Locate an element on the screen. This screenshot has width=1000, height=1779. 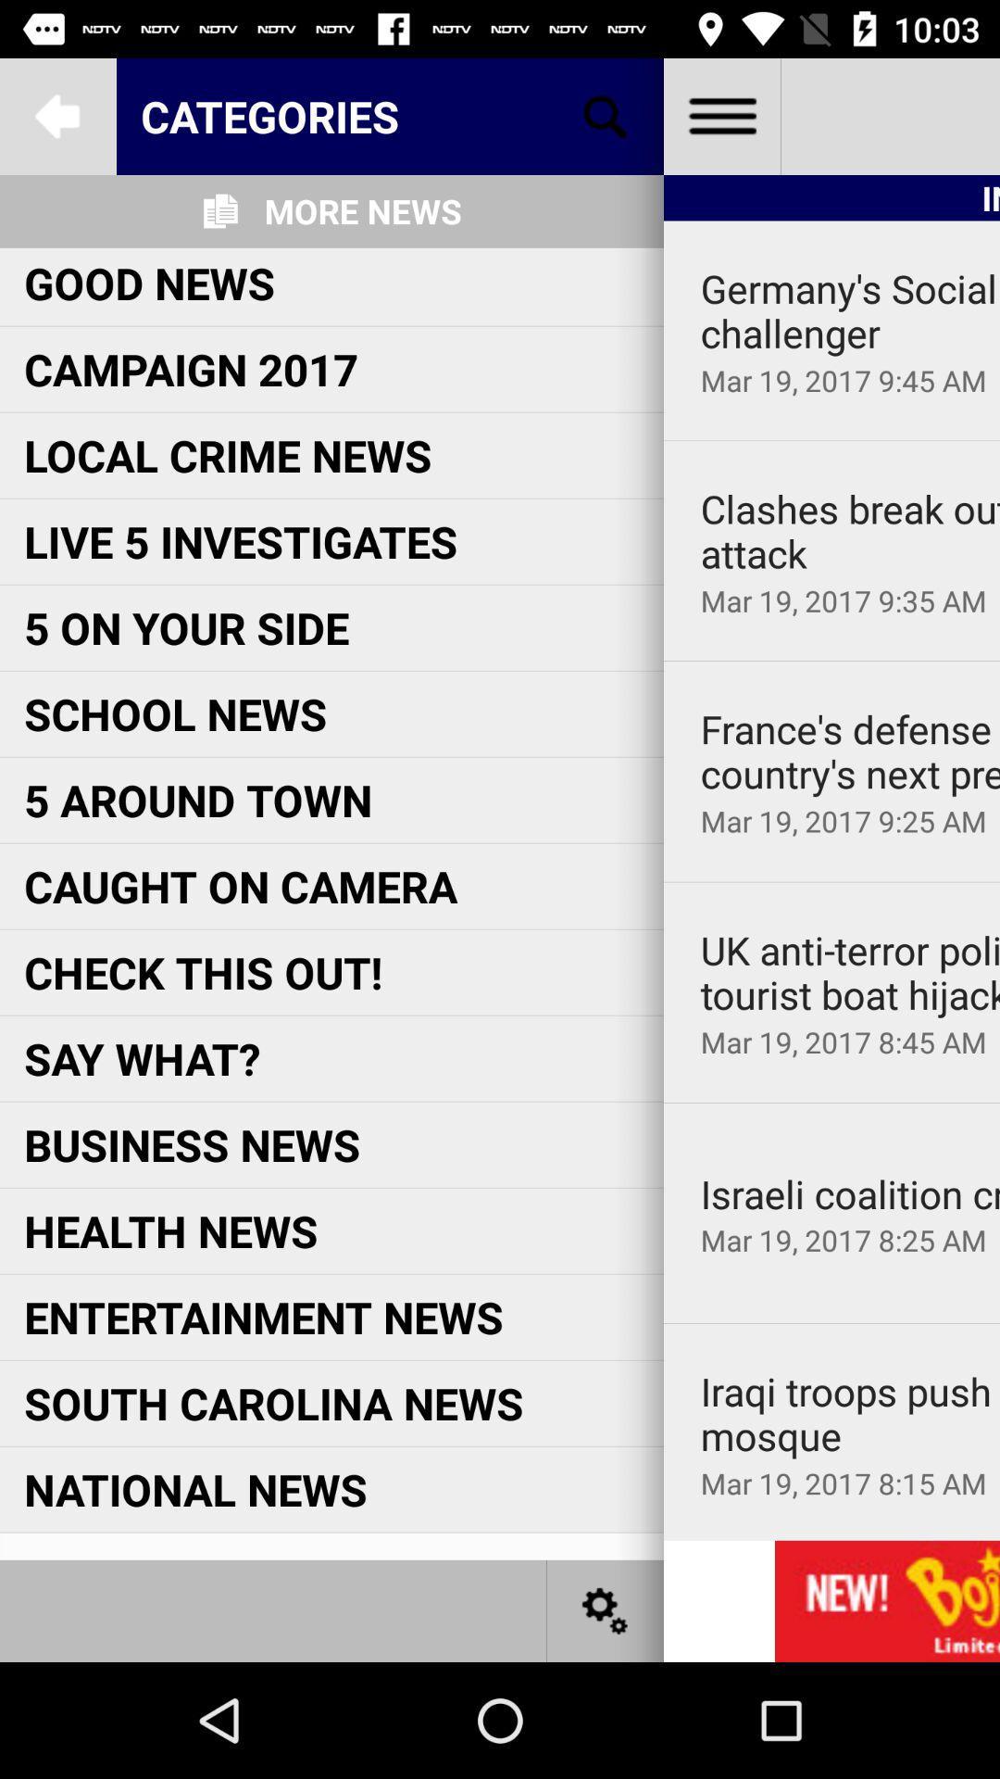
the arrow_backward icon is located at coordinates (56, 115).